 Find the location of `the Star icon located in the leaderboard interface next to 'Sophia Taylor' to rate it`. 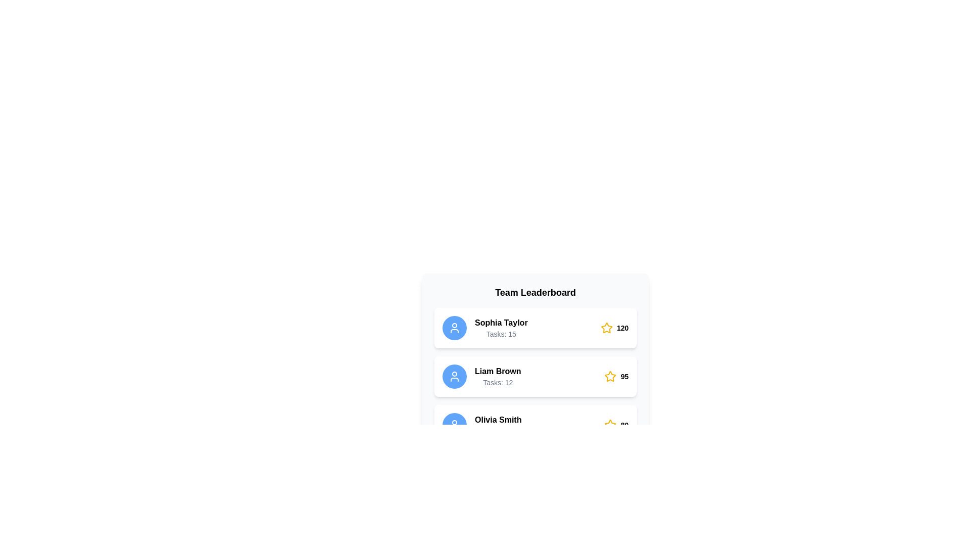

the Star icon located in the leaderboard interface next to 'Sophia Taylor' to rate it is located at coordinates (609, 376).